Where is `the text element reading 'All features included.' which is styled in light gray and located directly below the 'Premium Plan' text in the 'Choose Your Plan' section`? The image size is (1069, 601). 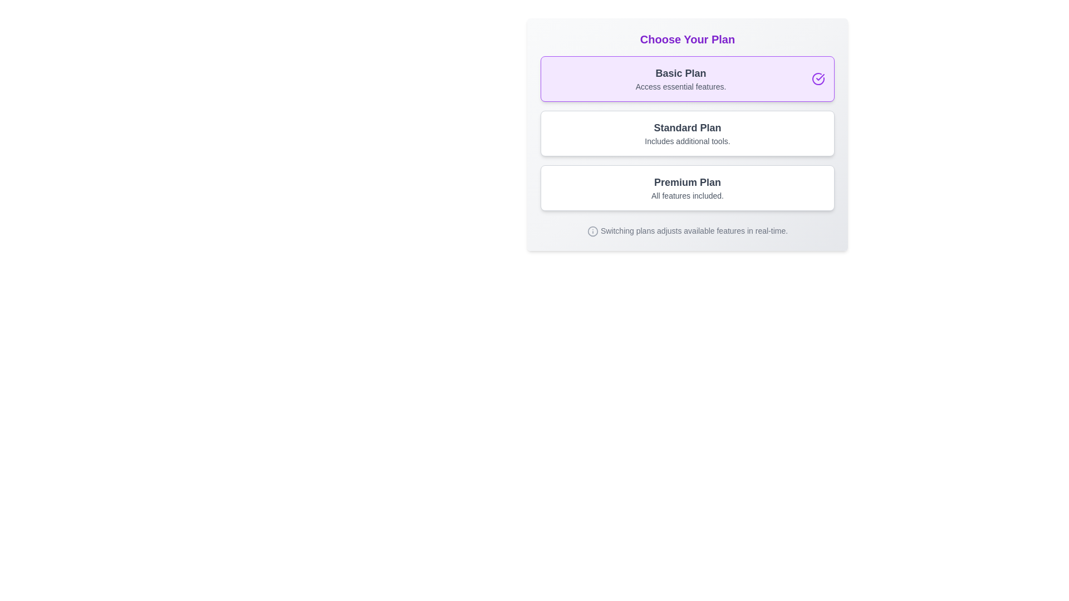 the text element reading 'All features included.' which is styled in light gray and located directly below the 'Premium Plan' text in the 'Choose Your Plan' section is located at coordinates (686, 195).